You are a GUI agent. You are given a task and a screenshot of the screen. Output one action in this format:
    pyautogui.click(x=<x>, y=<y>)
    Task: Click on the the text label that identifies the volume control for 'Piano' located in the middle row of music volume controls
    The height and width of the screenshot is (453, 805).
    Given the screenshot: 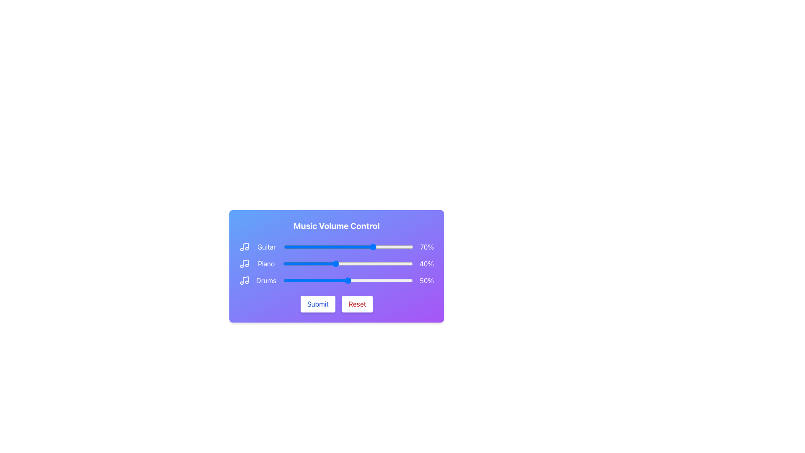 What is the action you would take?
    pyautogui.click(x=266, y=263)
    